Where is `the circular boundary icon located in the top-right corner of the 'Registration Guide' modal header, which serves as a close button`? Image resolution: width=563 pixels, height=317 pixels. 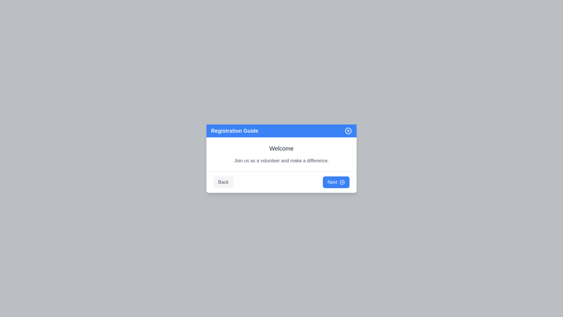
the circular boundary icon located in the top-right corner of the 'Registration Guide' modal header, which serves as a close button is located at coordinates (348, 130).